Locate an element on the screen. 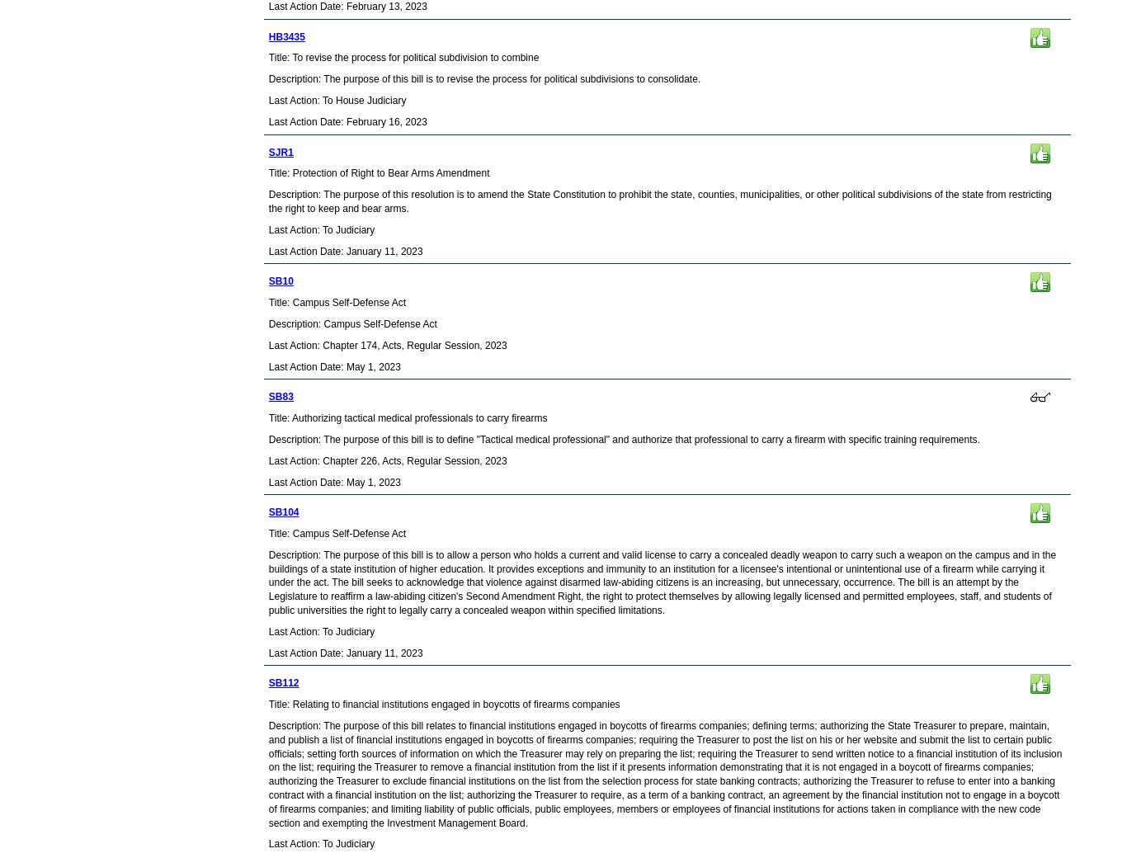 Image resolution: width=1127 pixels, height=858 pixels. 'Title: Protection of Right to Bear Arms Amendment' is located at coordinates (267, 172).